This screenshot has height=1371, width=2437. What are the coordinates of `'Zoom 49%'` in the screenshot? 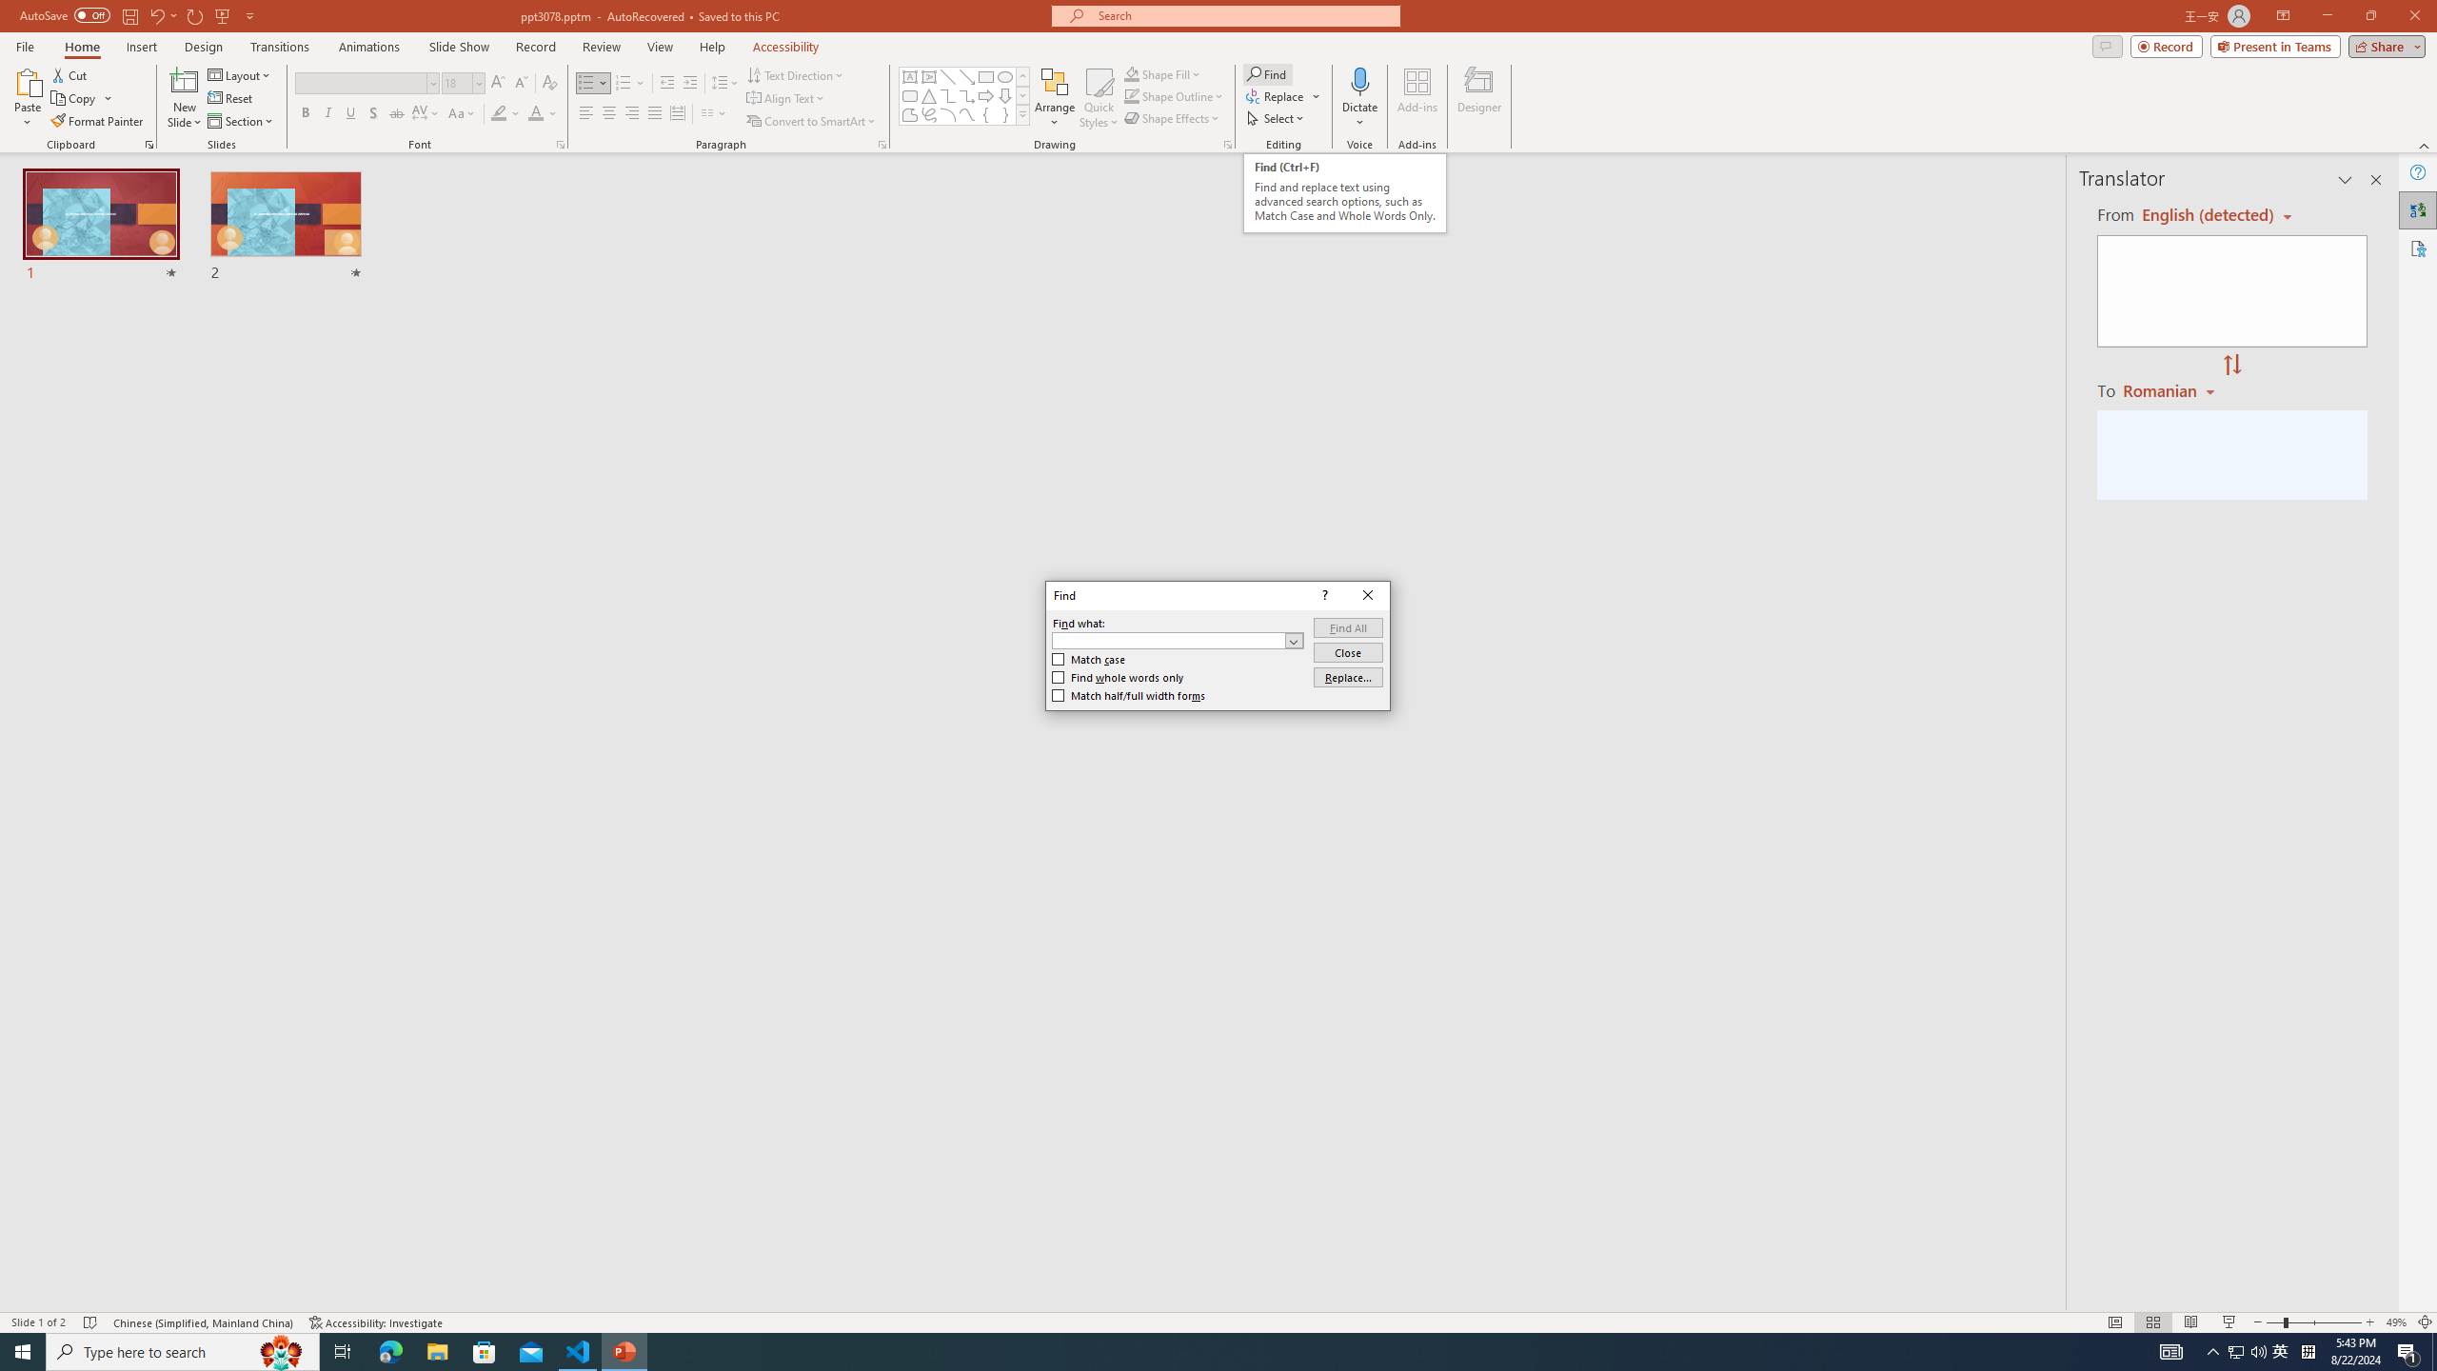 It's located at (2395, 1322).